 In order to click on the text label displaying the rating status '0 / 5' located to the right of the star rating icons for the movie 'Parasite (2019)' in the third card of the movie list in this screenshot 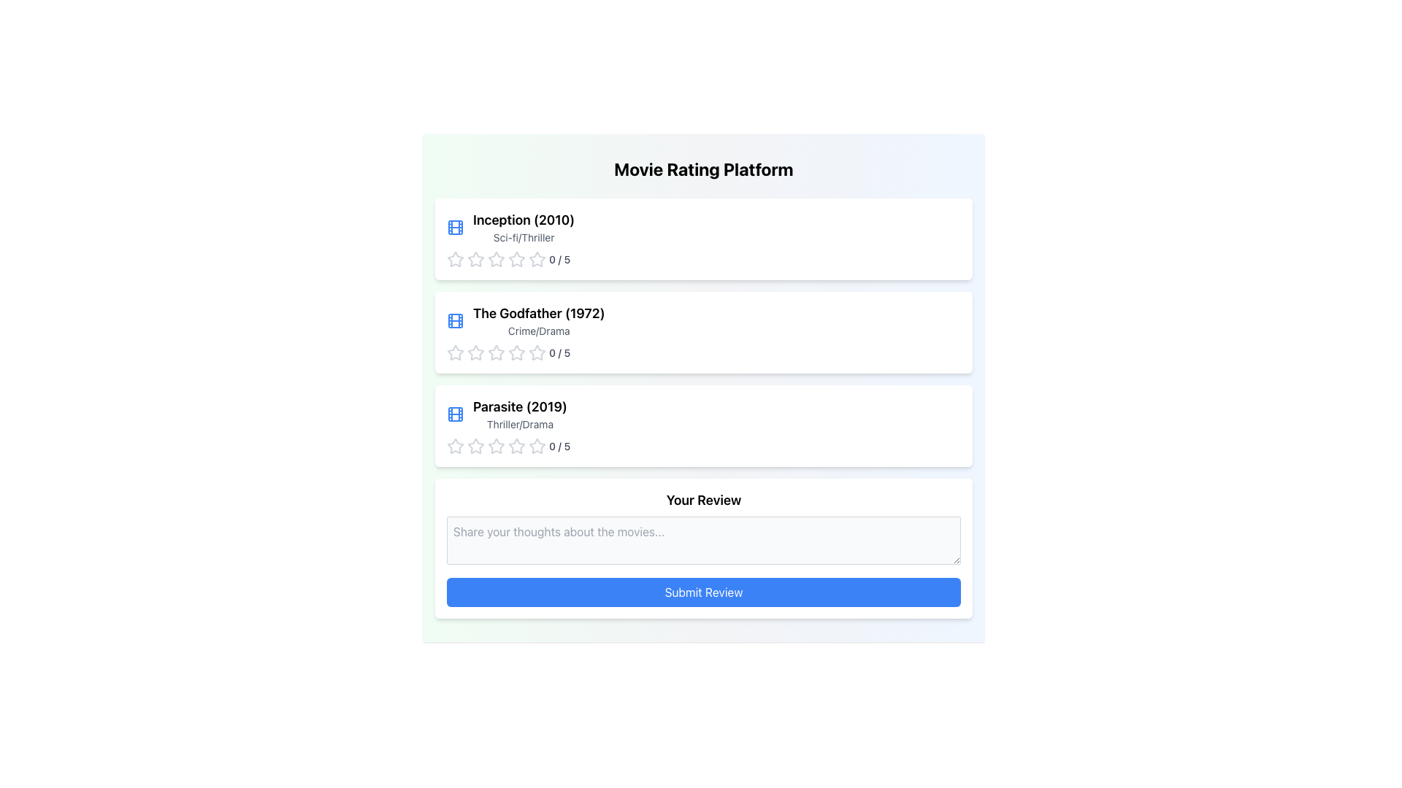, I will do `click(559, 446)`.